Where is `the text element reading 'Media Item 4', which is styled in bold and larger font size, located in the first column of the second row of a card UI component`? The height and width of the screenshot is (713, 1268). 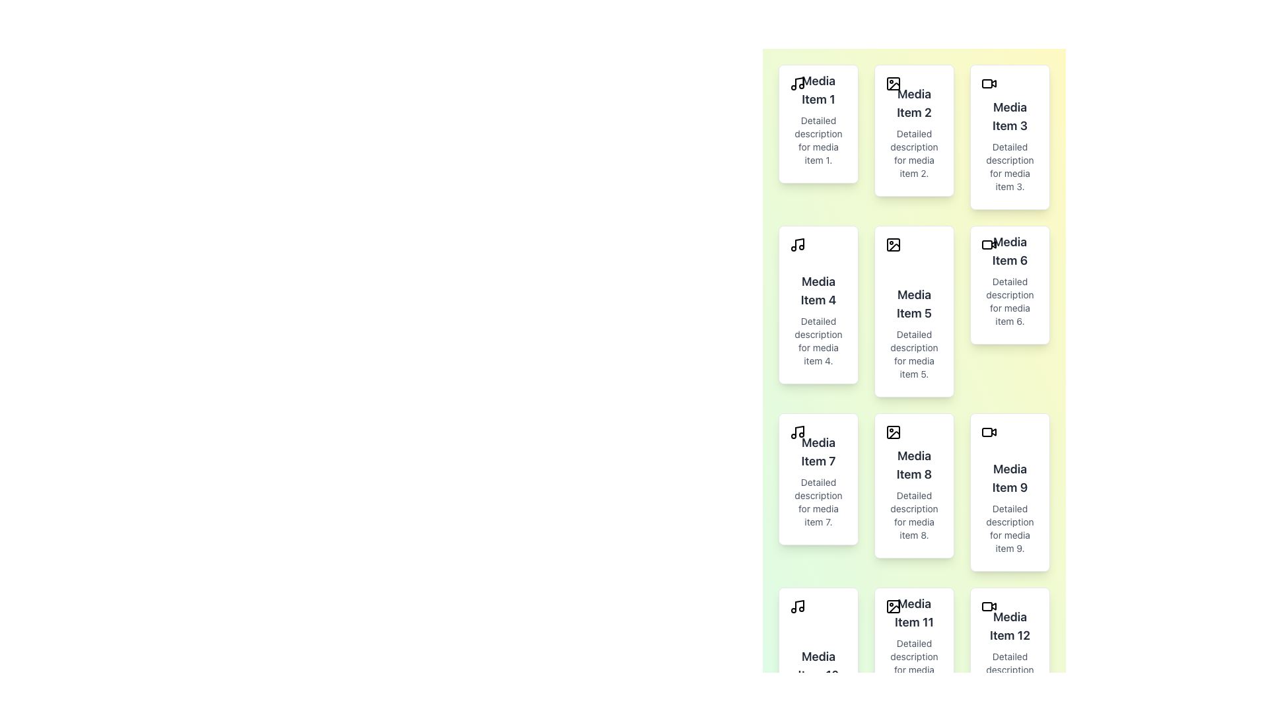 the text element reading 'Media Item 4', which is styled in bold and larger font size, located in the first column of the second row of a card UI component is located at coordinates (818, 290).